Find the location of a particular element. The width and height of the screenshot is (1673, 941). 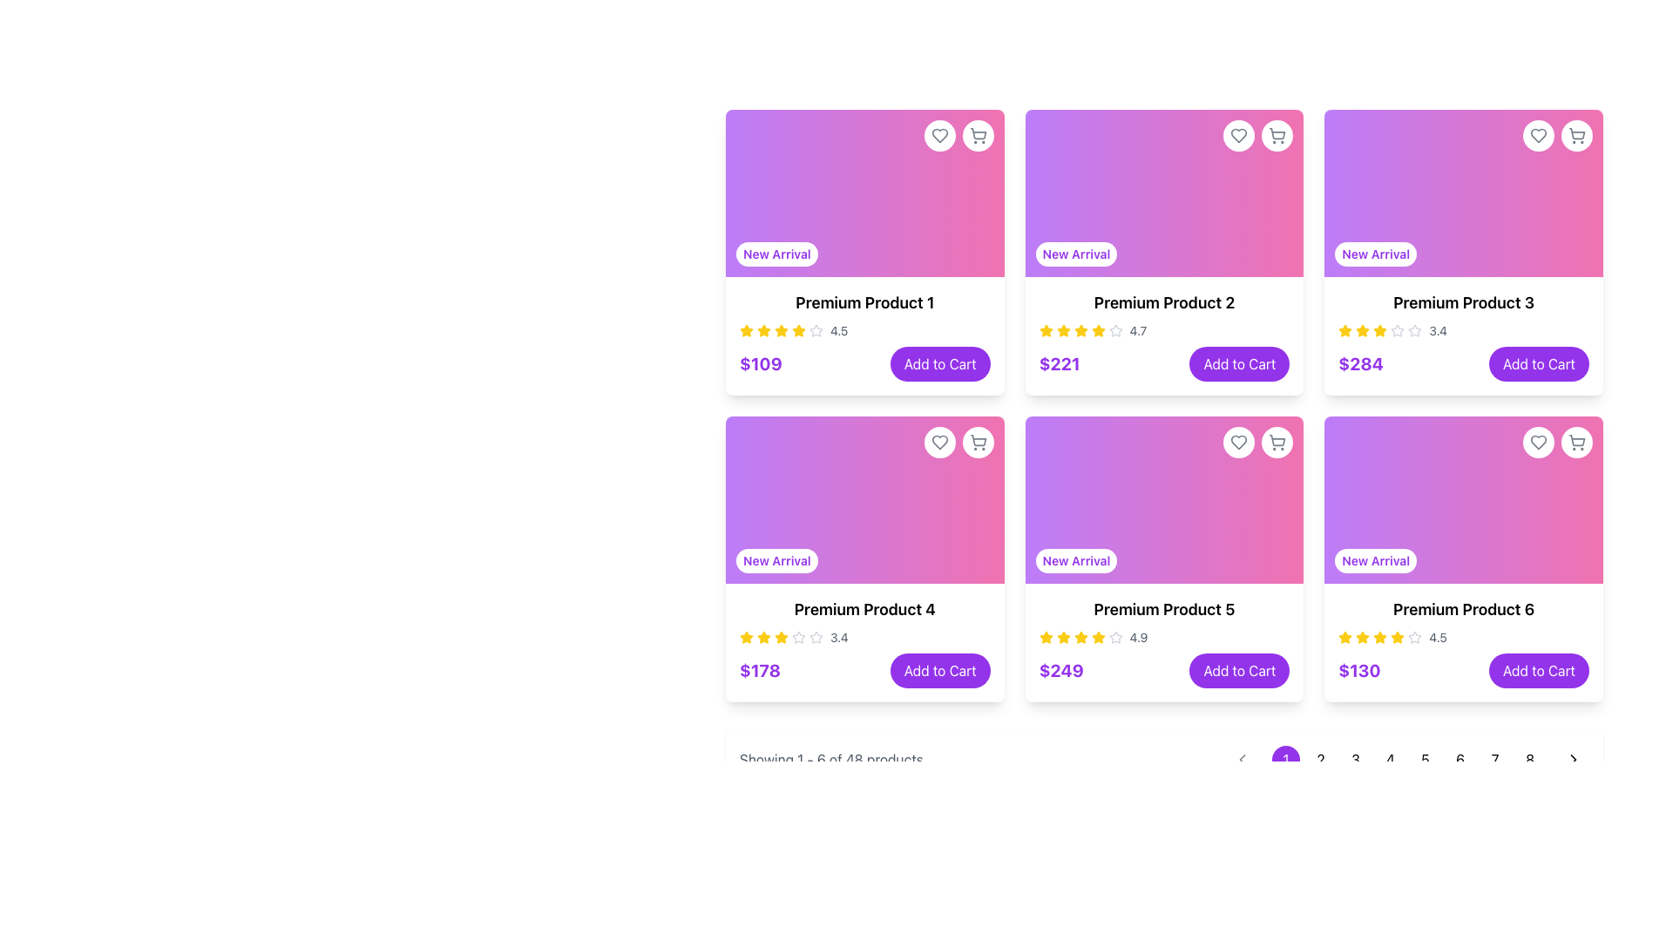

the numeric rating text label (4.5) located below the title and rating stars in the product card is located at coordinates (839, 331).